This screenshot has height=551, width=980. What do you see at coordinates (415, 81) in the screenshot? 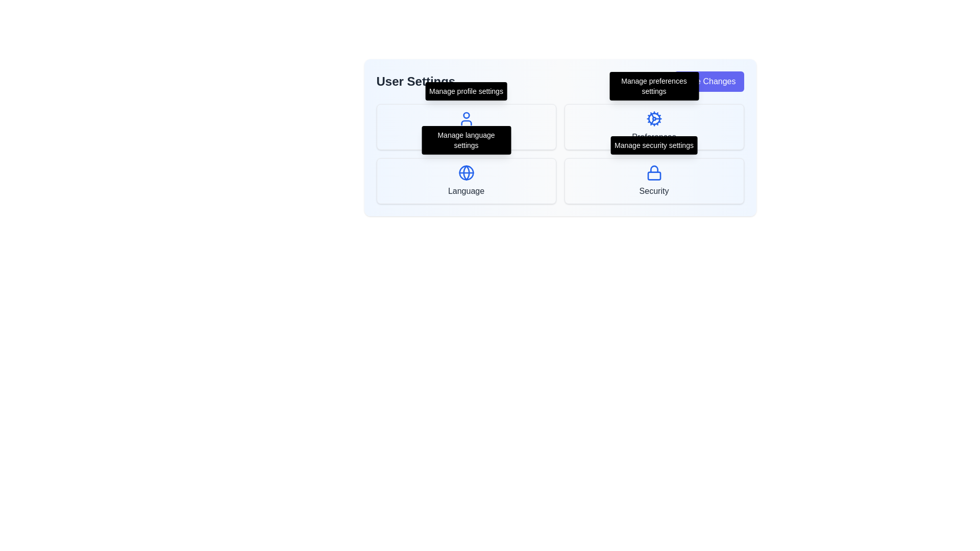
I see `the static text label that serves as the page title, located to the left of the 'Save Changes' button` at bounding box center [415, 81].